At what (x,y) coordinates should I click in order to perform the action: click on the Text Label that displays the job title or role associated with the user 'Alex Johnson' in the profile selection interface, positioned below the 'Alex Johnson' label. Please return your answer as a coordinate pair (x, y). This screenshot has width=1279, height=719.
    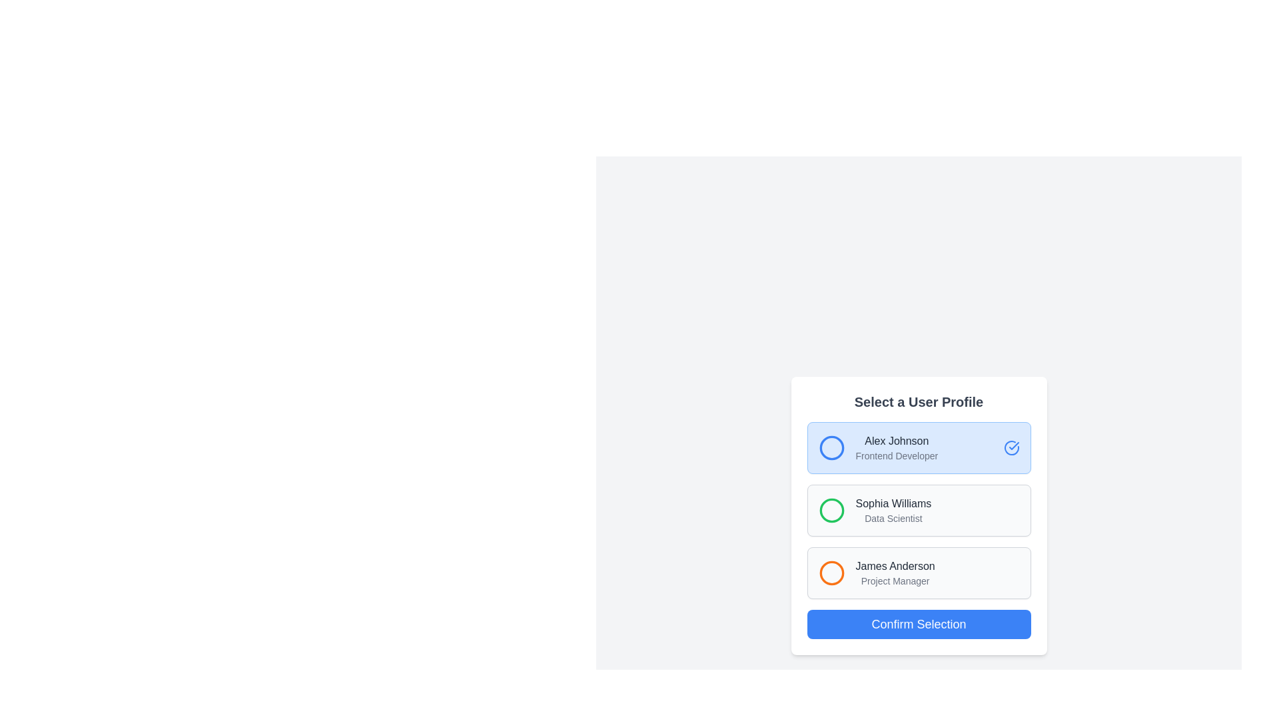
    Looking at the image, I should click on (897, 455).